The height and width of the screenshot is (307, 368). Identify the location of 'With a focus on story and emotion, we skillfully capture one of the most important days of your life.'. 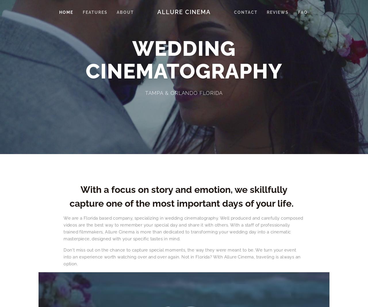
(183, 196).